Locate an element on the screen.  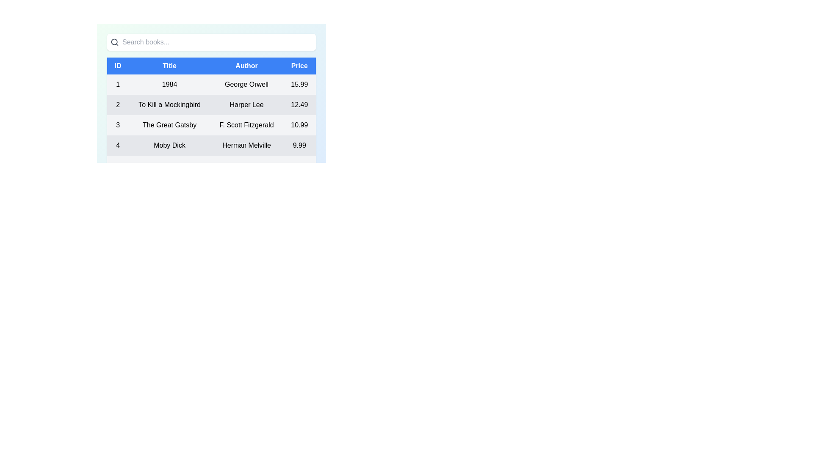
the price label displaying '9.99' in the last column of the fourth row, which is aligned with the book information 'Moby Dick' and 'Herman Melville' is located at coordinates (299, 145).